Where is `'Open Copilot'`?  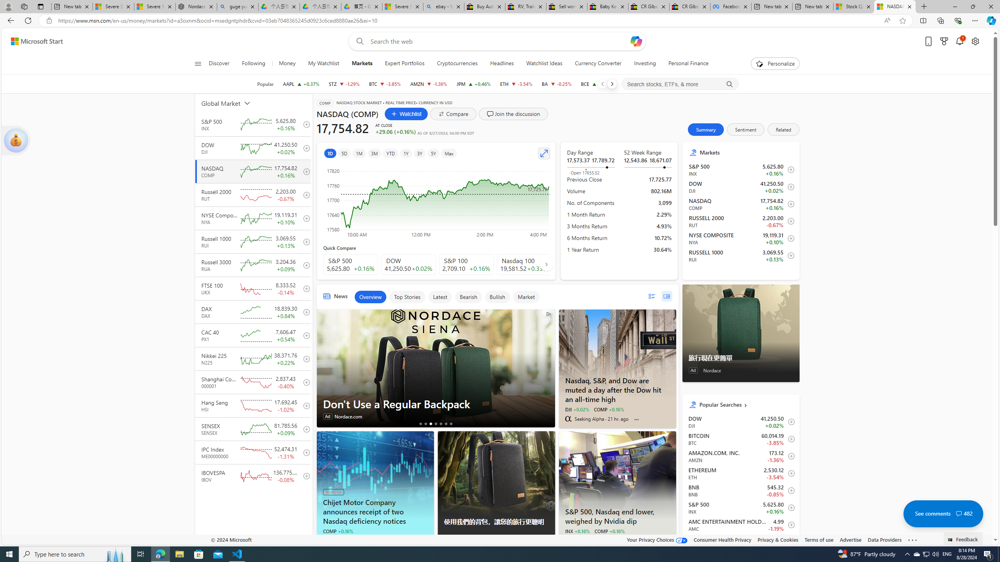
'Open Copilot' is located at coordinates (636, 41).